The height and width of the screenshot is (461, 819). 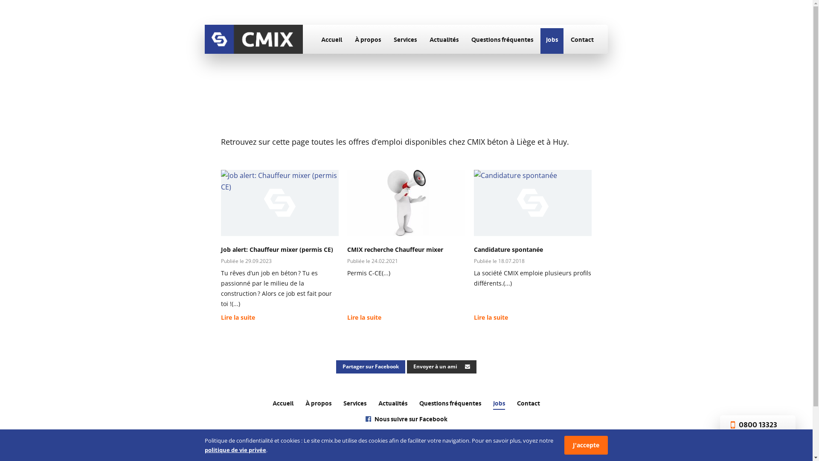 I want to click on 'Partager sur Facebook', so click(x=370, y=366).